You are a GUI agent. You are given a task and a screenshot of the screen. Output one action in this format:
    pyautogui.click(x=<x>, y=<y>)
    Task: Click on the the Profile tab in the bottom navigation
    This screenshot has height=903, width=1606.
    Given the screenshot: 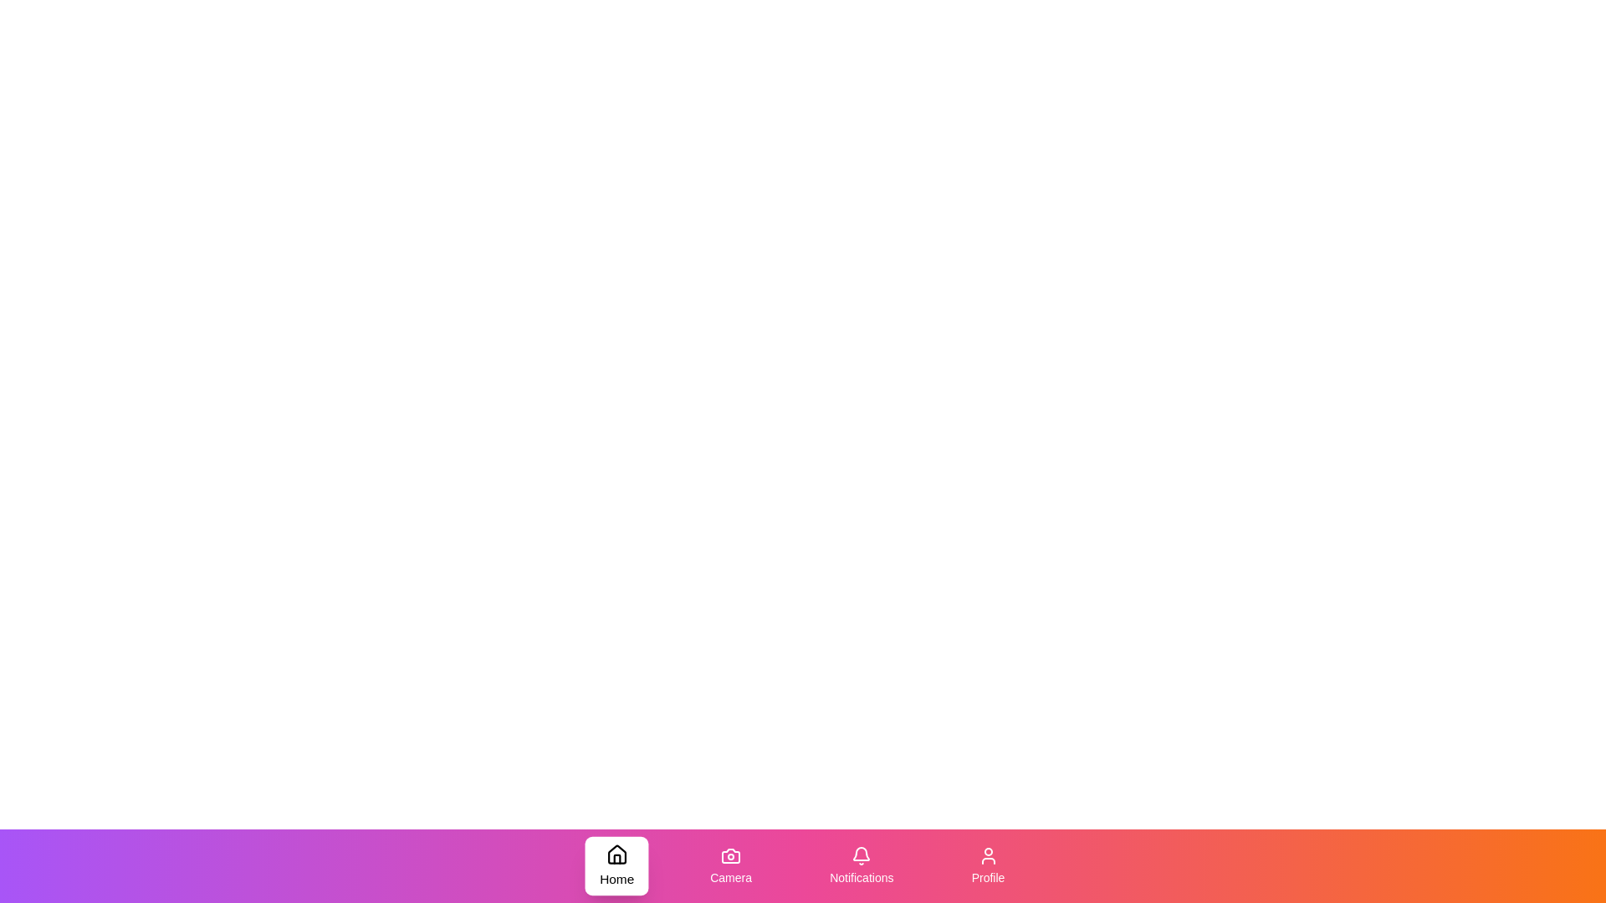 What is the action you would take?
    pyautogui.click(x=988, y=865)
    